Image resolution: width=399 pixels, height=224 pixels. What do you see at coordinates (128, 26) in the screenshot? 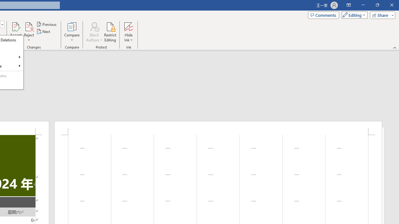
I see `'Hide Ink'` at bounding box center [128, 26].